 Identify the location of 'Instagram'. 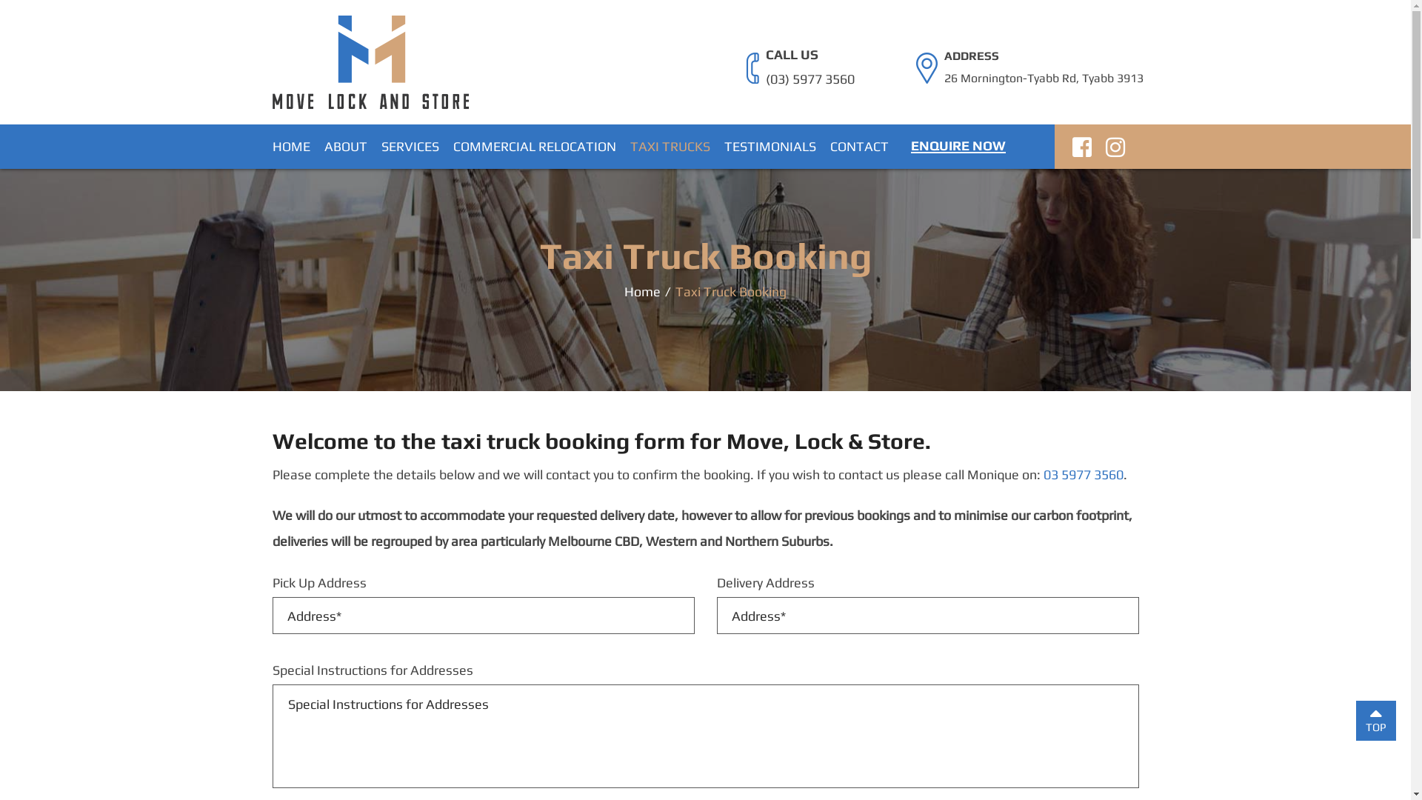
(1115, 150).